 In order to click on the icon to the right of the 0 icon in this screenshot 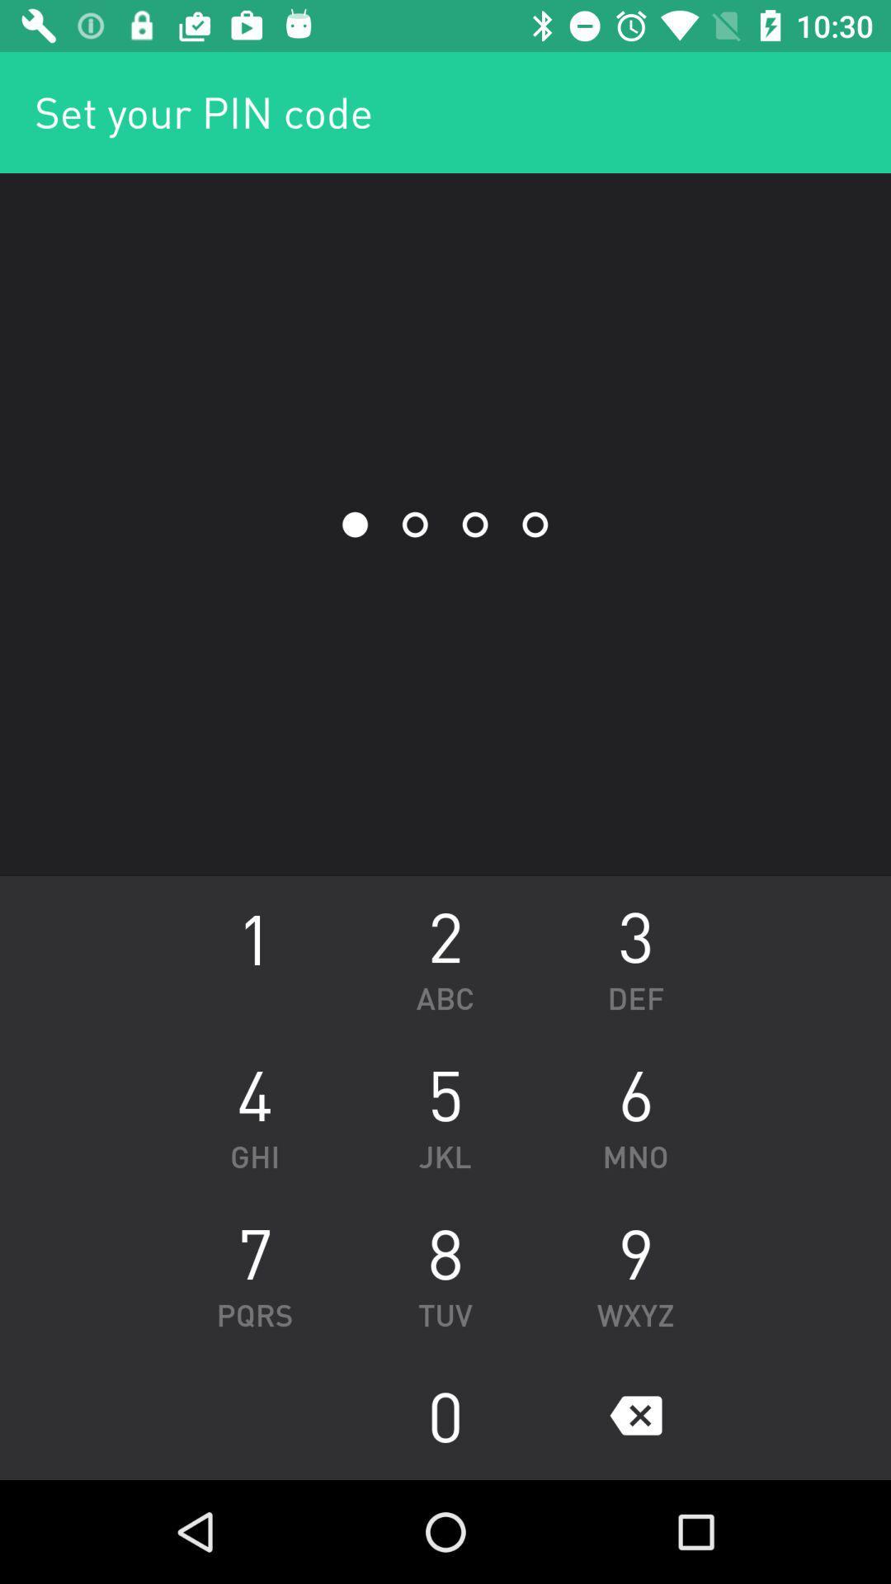, I will do `click(635, 1414)`.